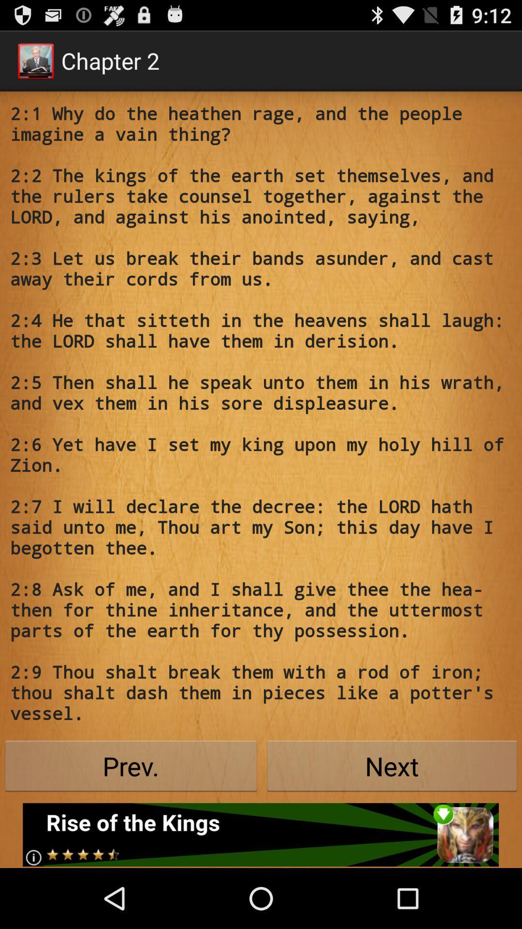  Describe the element at coordinates (260, 834) in the screenshot. I see `advertisement` at that location.